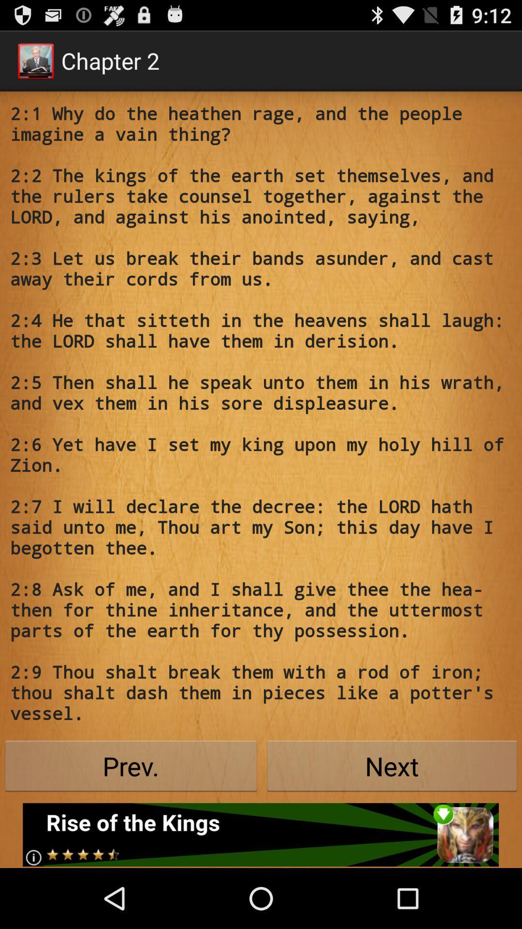  Describe the element at coordinates (260, 834) in the screenshot. I see `advertisement` at that location.